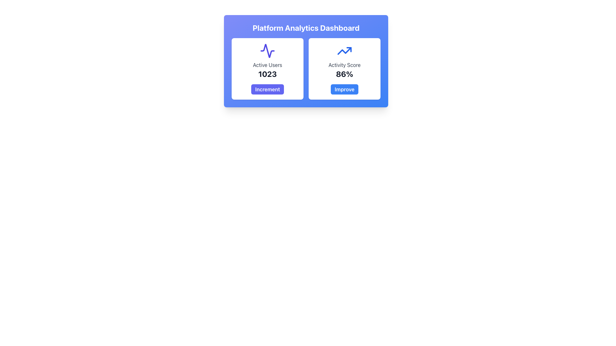  Describe the element at coordinates (268, 89) in the screenshot. I see `the indigo 'Increment' button located at the lower part of the 'Active Users' card to increment the displayed value` at that location.